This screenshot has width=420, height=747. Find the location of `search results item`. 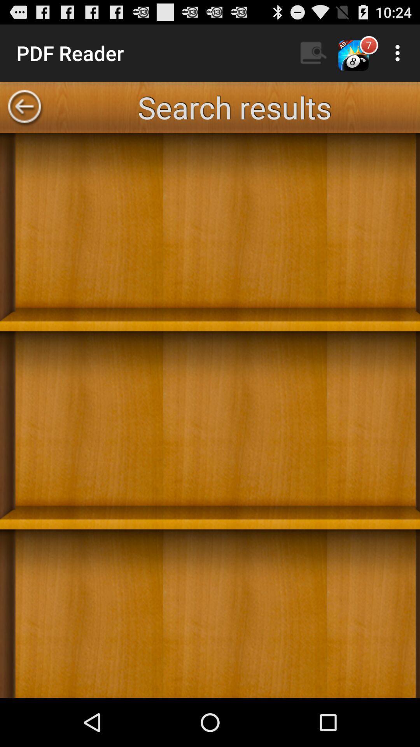

search results item is located at coordinates (234, 107).